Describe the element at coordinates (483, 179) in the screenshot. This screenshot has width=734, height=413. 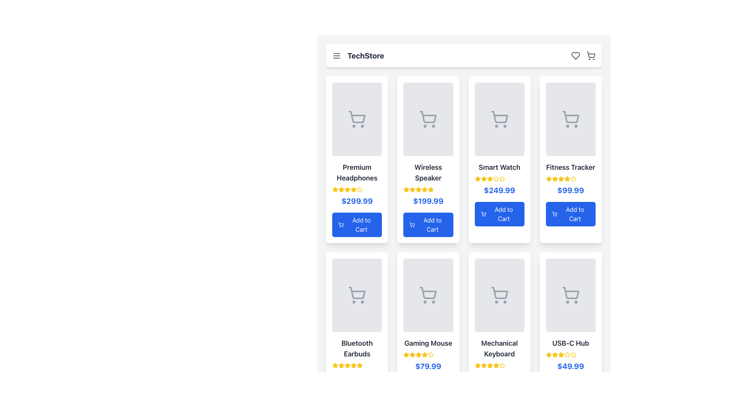
I see `the second star in the star rating icon for the 'Smart Watch' item to interact with the rating system` at that location.